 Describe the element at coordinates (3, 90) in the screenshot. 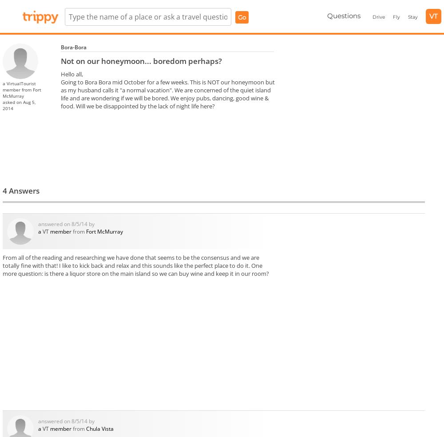

I see `'member'` at that location.